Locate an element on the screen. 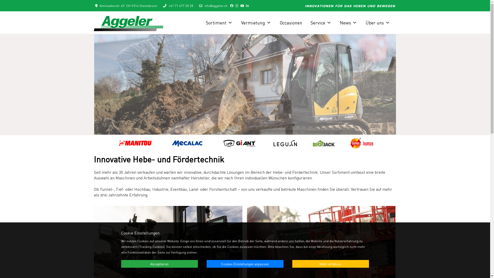  'Facebook' is located at coordinates (230, 6).